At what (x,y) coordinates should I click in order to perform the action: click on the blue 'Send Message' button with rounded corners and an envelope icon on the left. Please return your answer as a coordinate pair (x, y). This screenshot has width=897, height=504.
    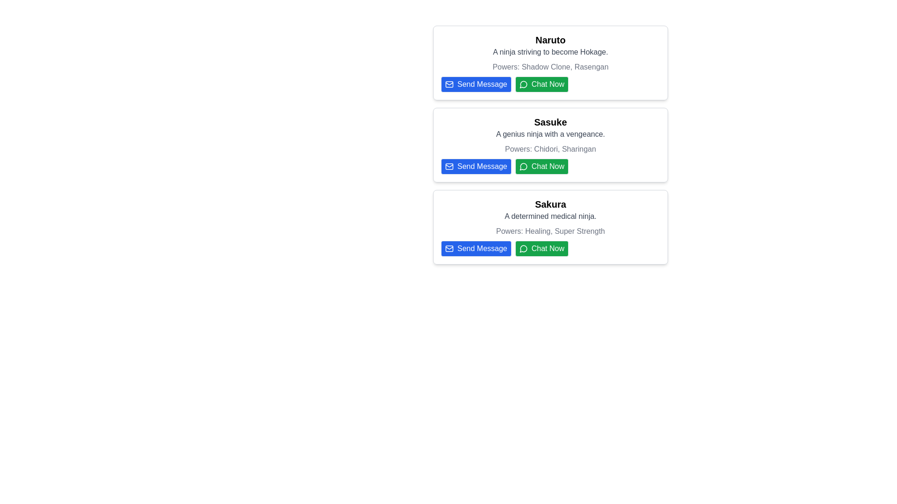
    Looking at the image, I should click on (476, 84).